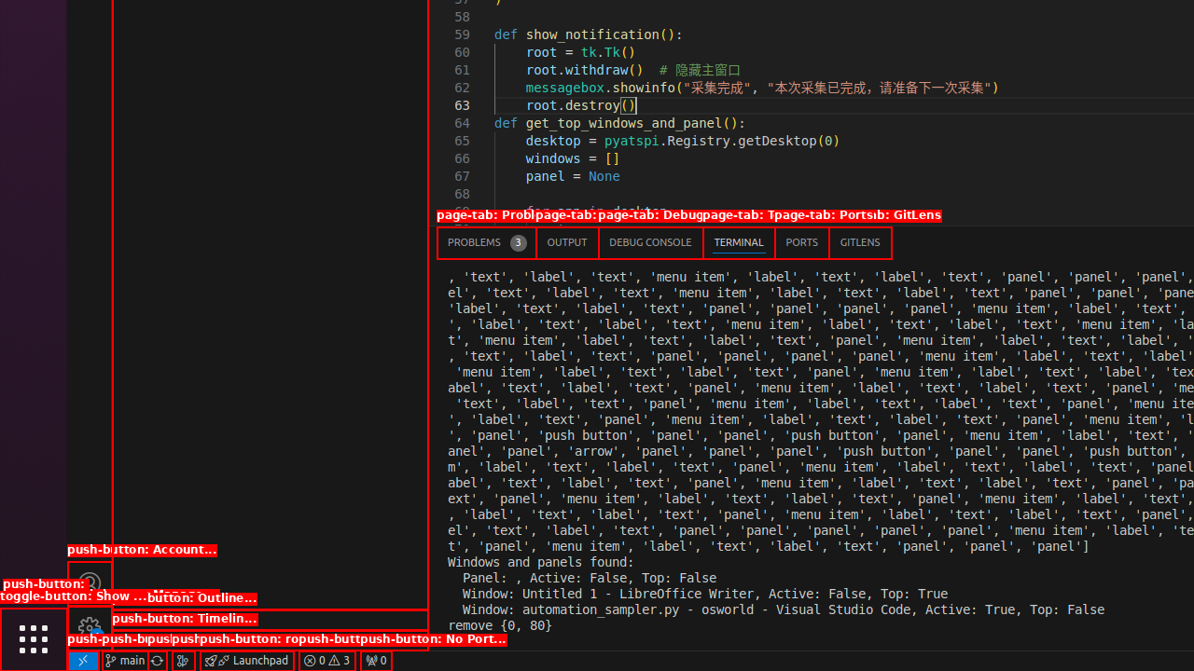 This screenshot has width=1194, height=671. Describe the element at coordinates (326, 659) in the screenshot. I see `'Warnings: 3'` at that location.